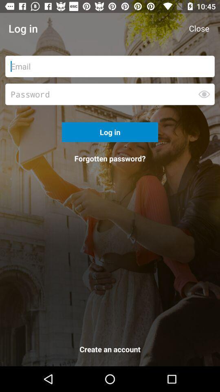 Image resolution: width=220 pixels, height=392 pixels. I want to click on icon below forgotten password? item, so click(110, 350).